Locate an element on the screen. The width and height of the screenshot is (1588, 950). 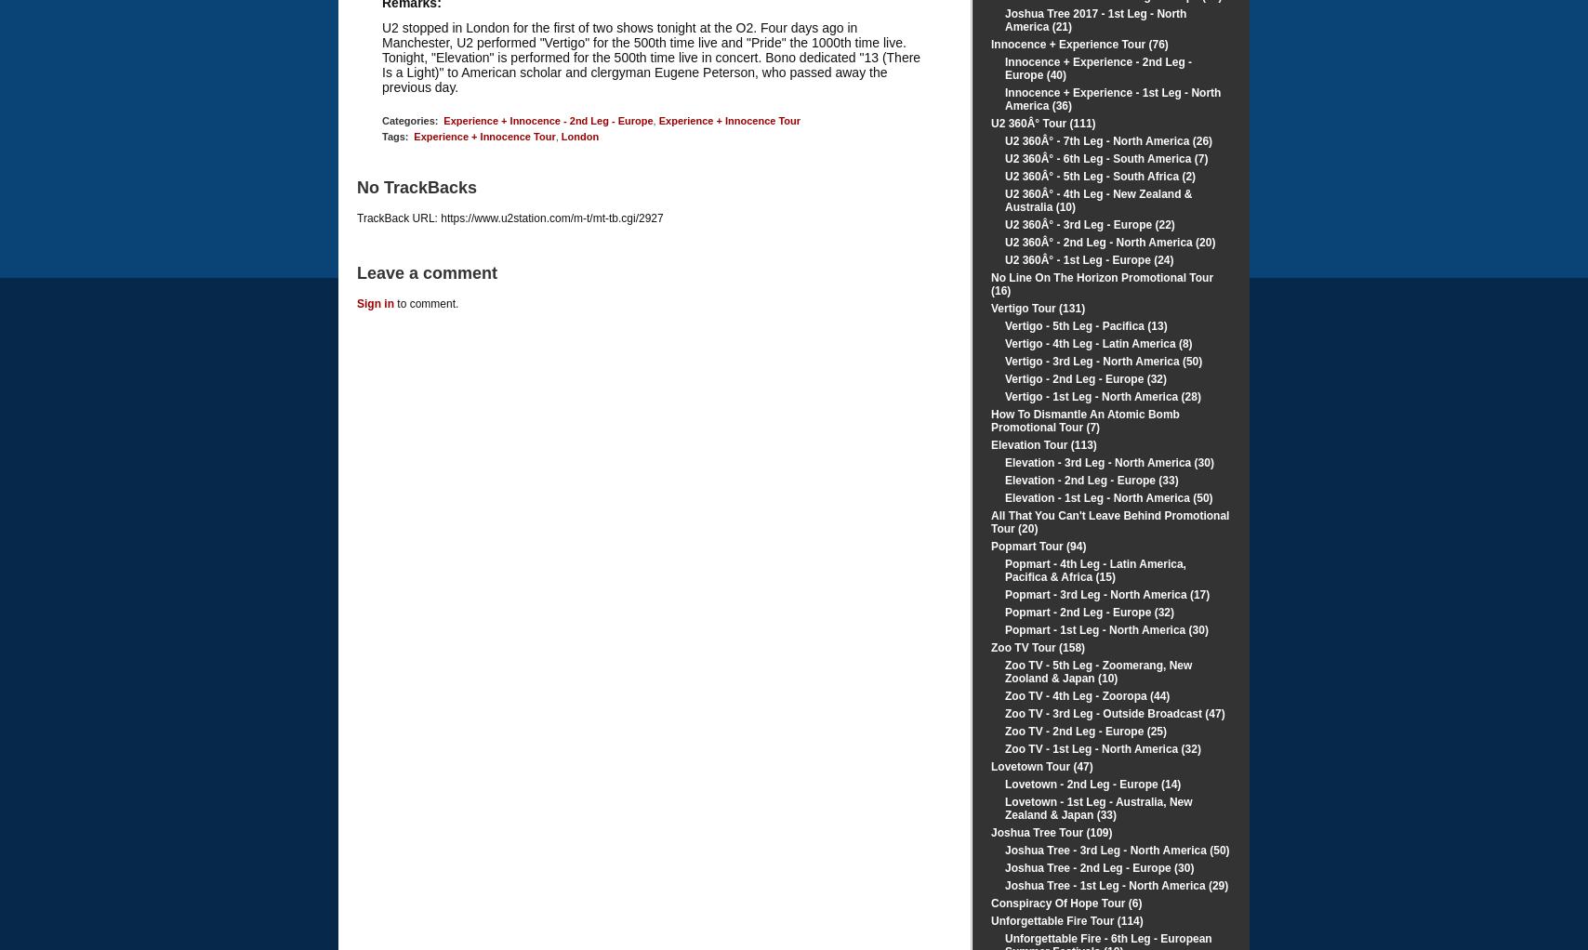
'TrackBack URL: https://www.u2station.com/m-t/mt-tb.cgi/2927' is located at coordinates (509, 217).